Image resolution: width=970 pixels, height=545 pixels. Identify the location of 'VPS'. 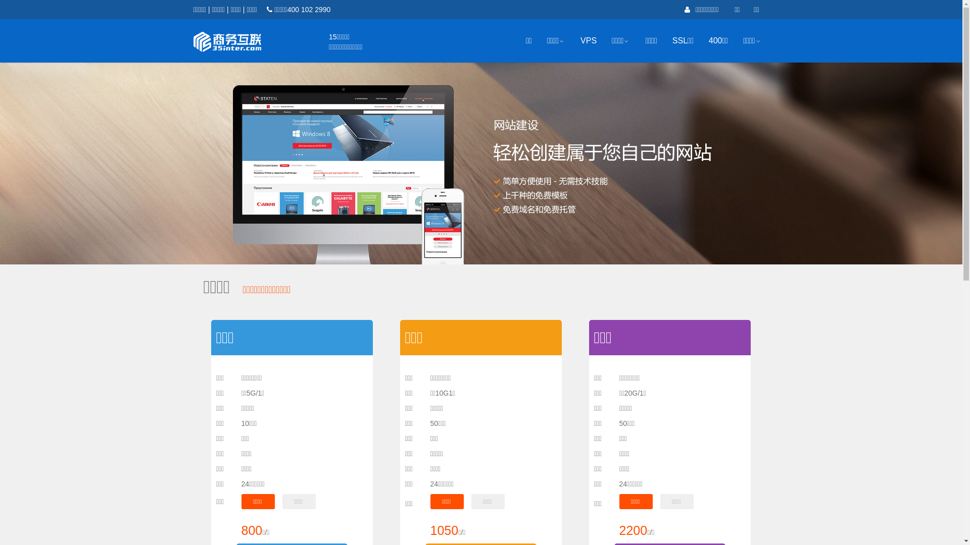
(589, 40).